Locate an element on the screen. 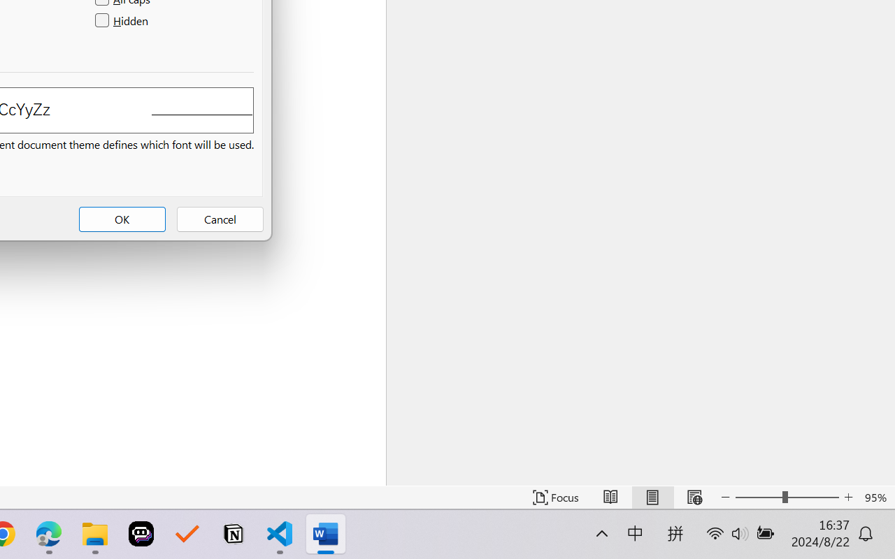  'Cancel' is located at coordinates (219, 219).